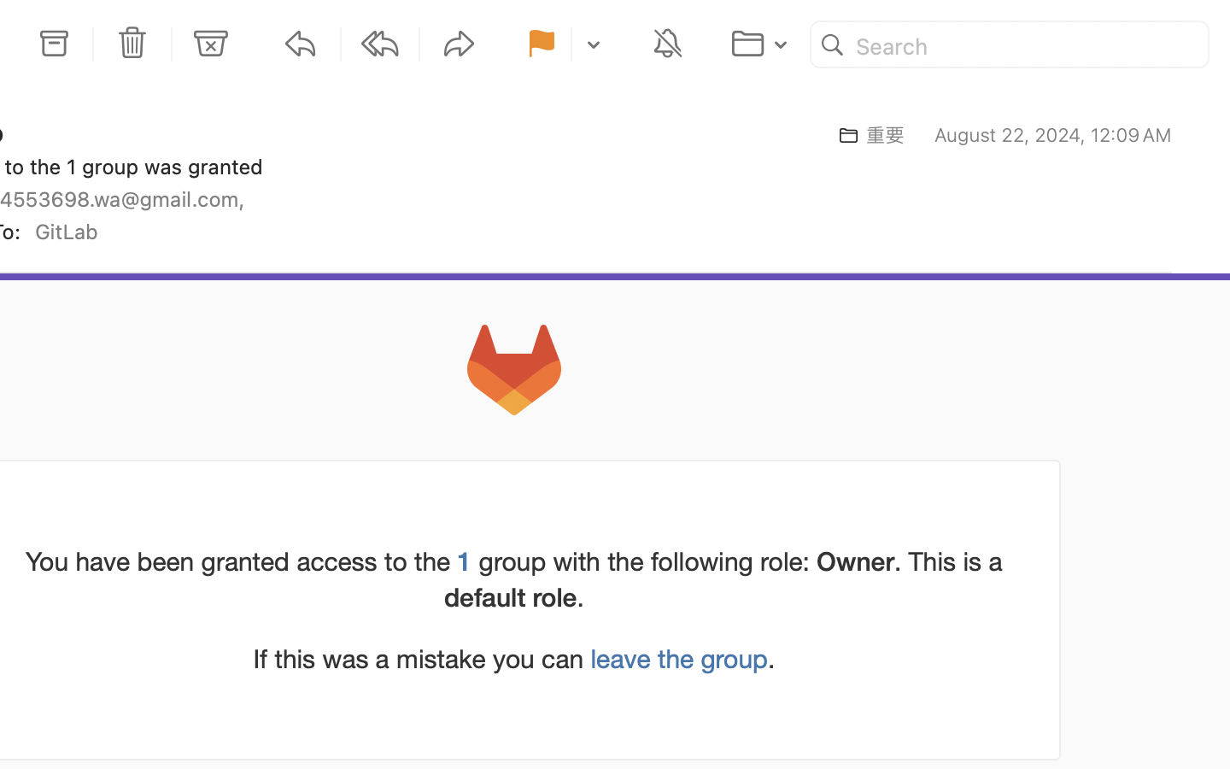  What do you see at coordinates (73, 230) in the screenshot?
I see `'GitLab'` at bounding box center [73, 230].